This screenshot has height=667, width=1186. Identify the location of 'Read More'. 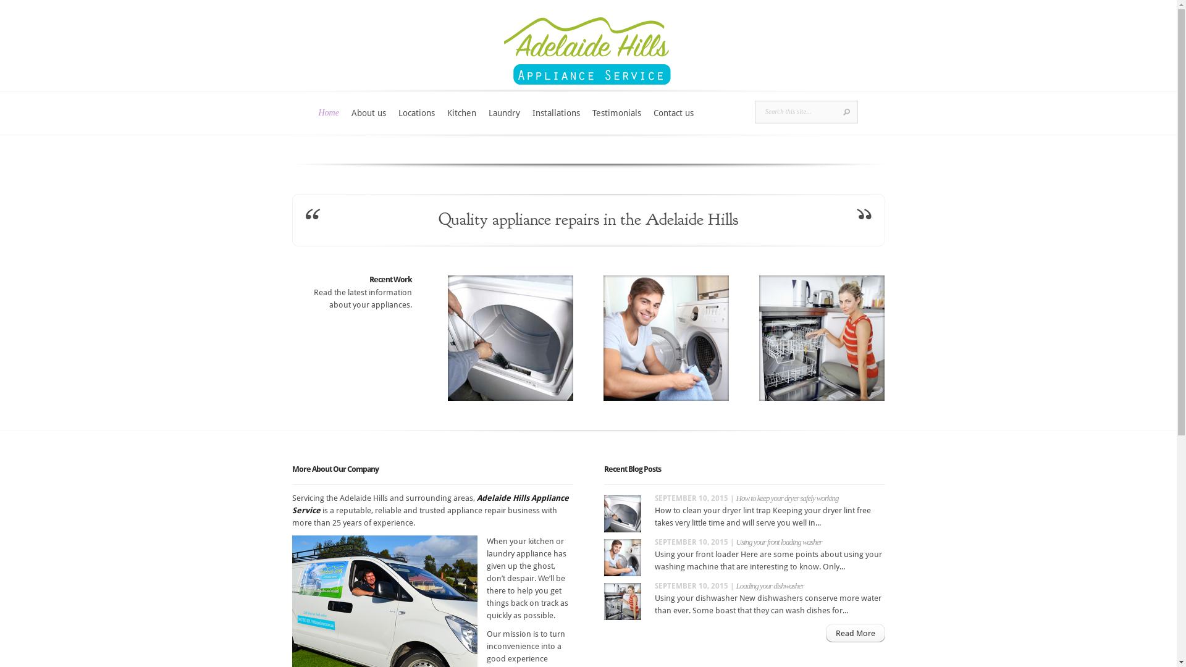
(854, 633).